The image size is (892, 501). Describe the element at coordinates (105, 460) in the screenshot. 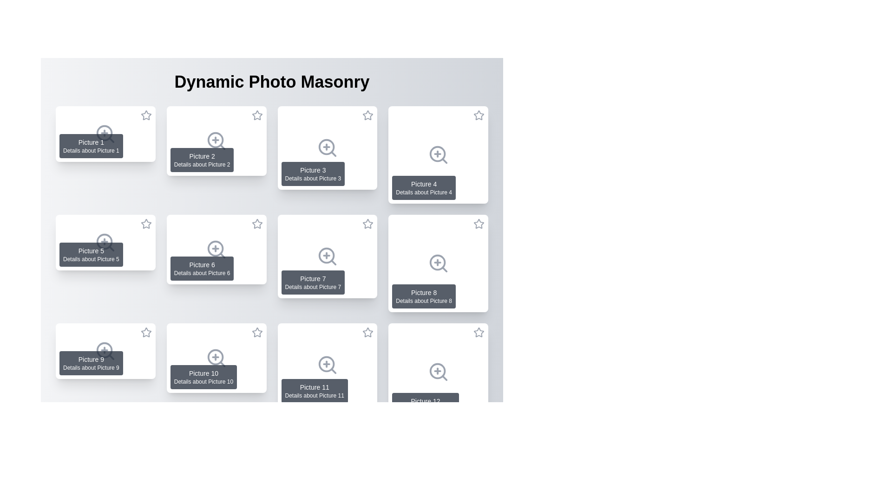

I see `the zoom-in button located slightly to the right of the center of the interface` at that location.